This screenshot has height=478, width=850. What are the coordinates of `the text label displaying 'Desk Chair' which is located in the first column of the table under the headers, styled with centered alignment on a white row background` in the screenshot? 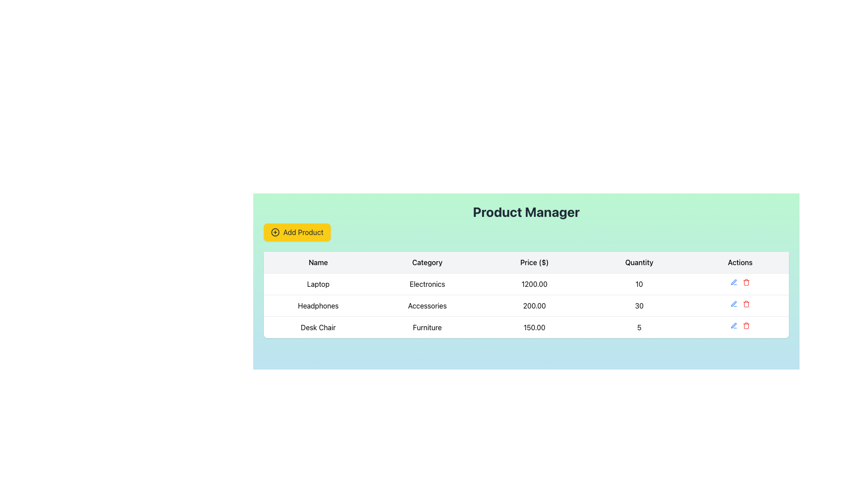 It's located at (318, 327).